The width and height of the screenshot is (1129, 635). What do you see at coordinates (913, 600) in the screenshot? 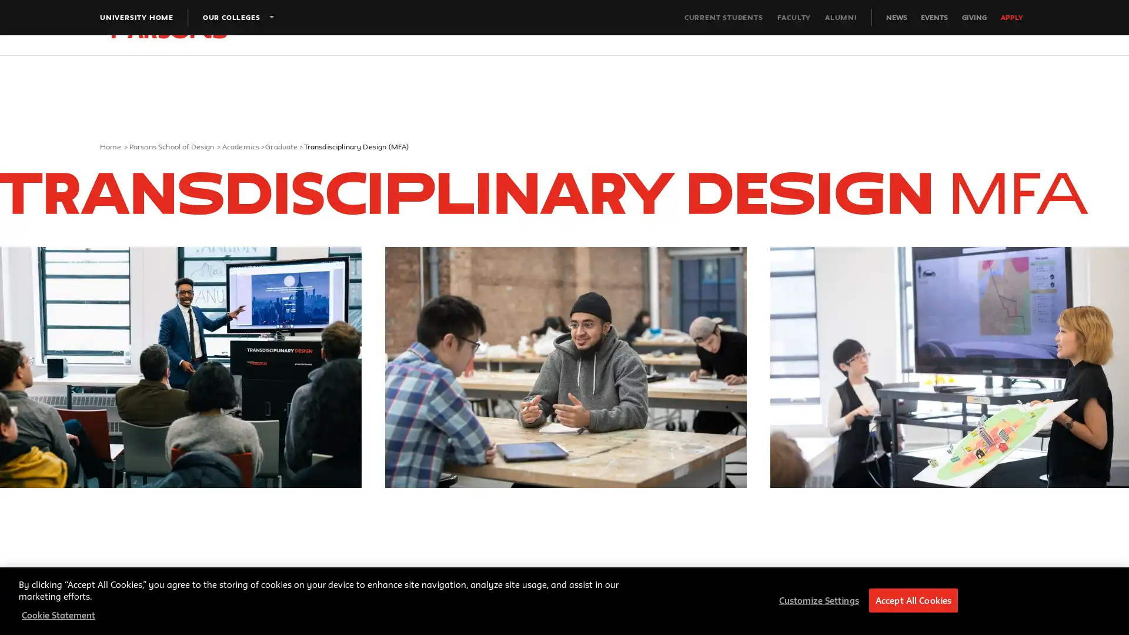
I see `Accept All Cookies` at bounding box center [913, 600].